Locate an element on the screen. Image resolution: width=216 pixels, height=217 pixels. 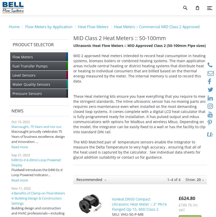
'MID Class 2 Heat Meters :: 50-100mm' is located at coordinates (119, 38).